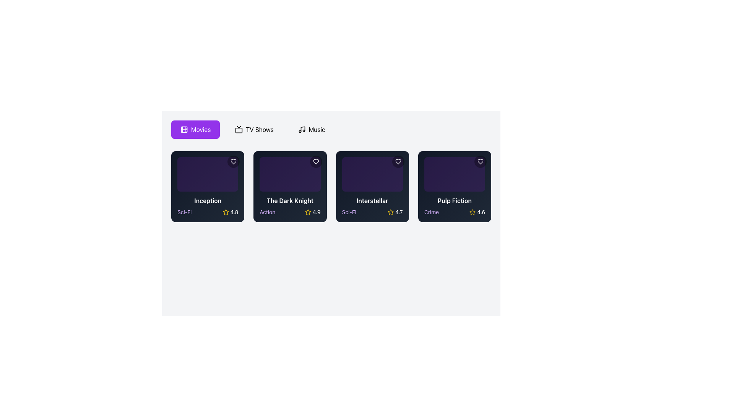 This screenshot has width=734, height=413. Describe the element at coordinates (477, 212) in the screenshot. I see `the rating indicator displaying the numeric text '4.6' and yellow star icon for further actions` at that location.